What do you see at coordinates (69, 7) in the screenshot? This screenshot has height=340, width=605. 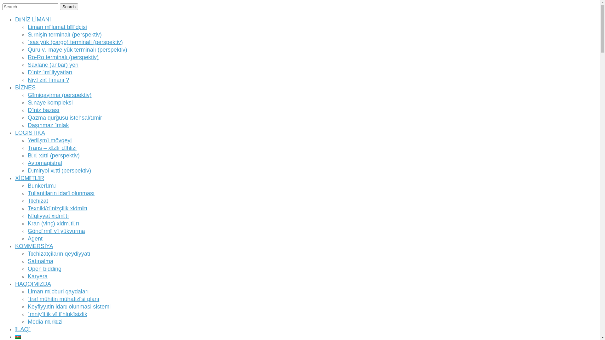 I see `'Search'` at bounding box center [69, 7].